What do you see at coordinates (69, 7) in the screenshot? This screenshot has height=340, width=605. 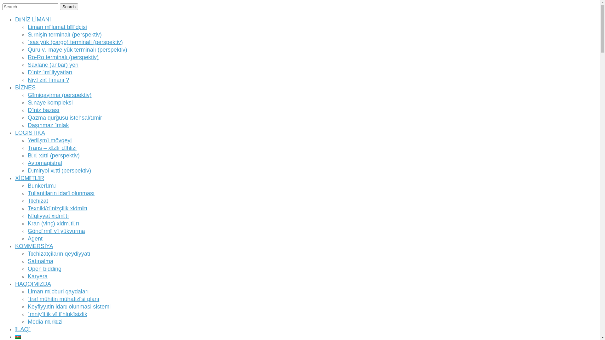 I see `'Search'` at bounding box center [69, 7].